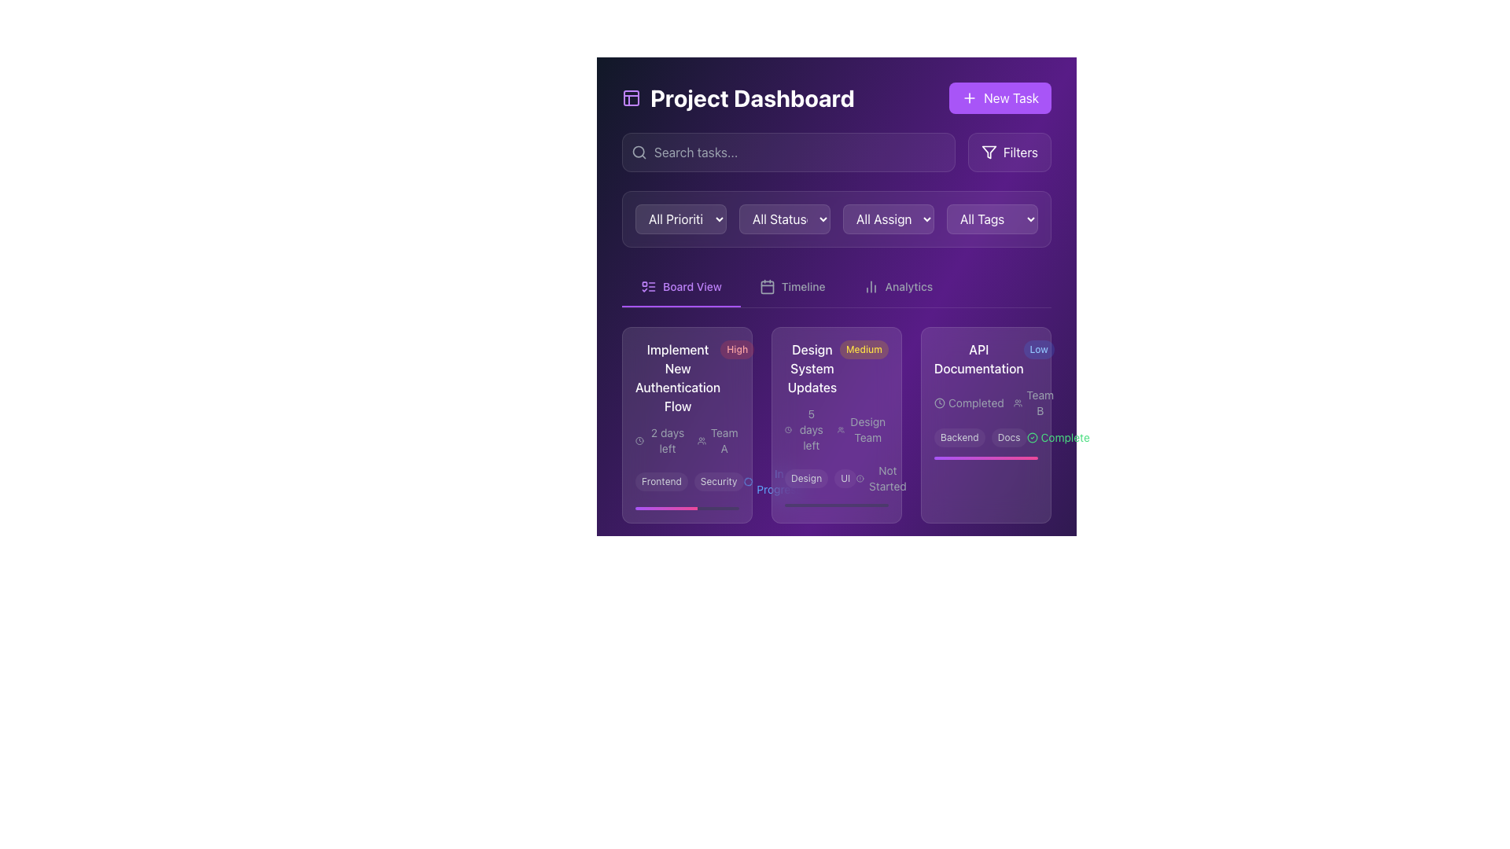 The width and height of the screenshot is (1510, 849). Describe the element at coordinates (985, 630) in the screenshot. I see `the sixth Task card located in the bottom right corner of the grid layout` at that location.